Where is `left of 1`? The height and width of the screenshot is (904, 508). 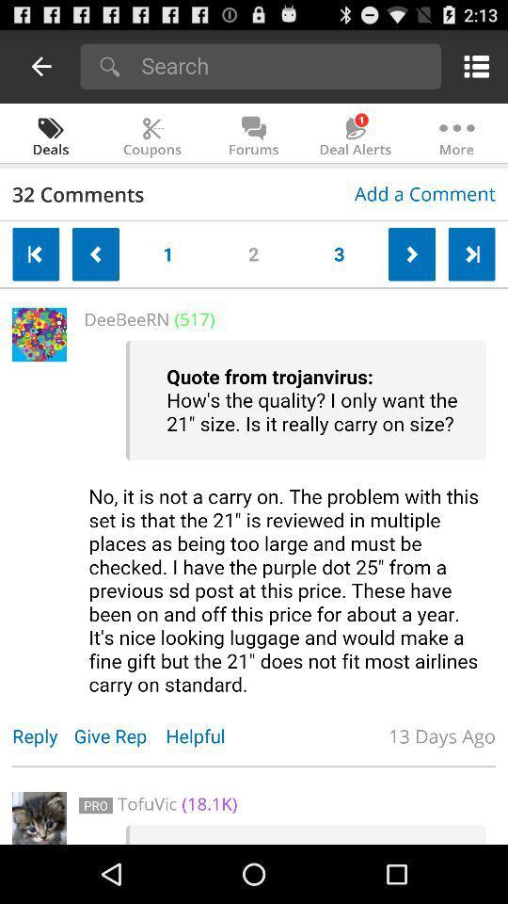
left of 1 is located at coordinates (96, 253).